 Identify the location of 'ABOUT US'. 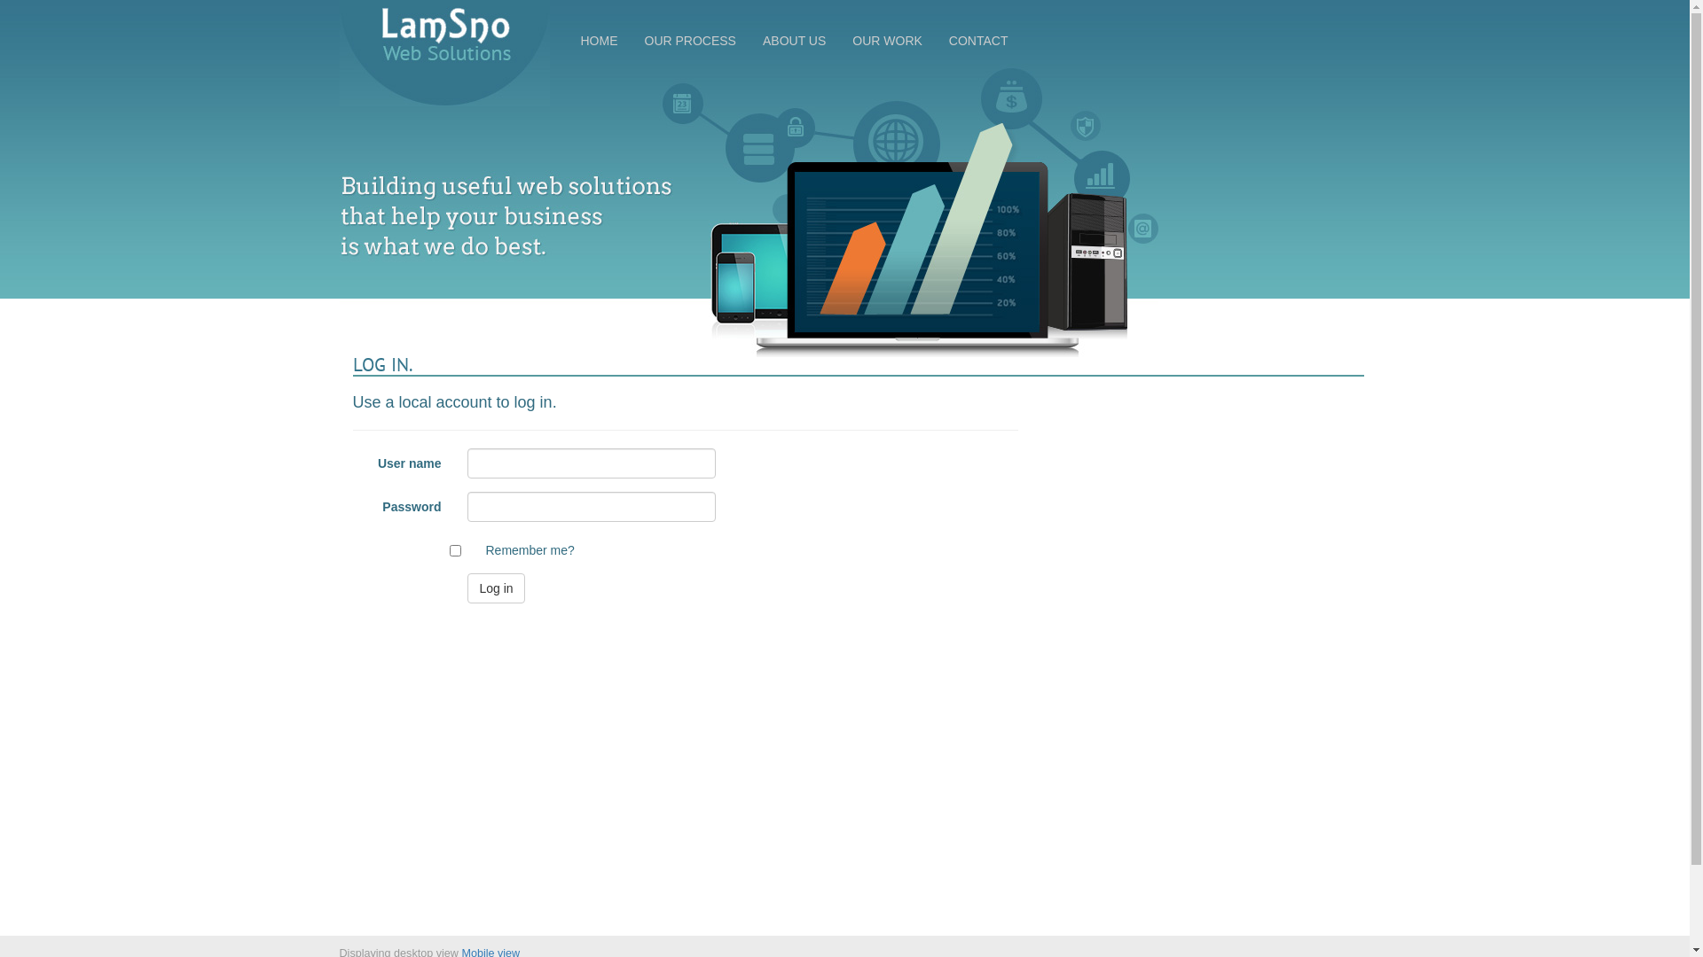
(793, 40).